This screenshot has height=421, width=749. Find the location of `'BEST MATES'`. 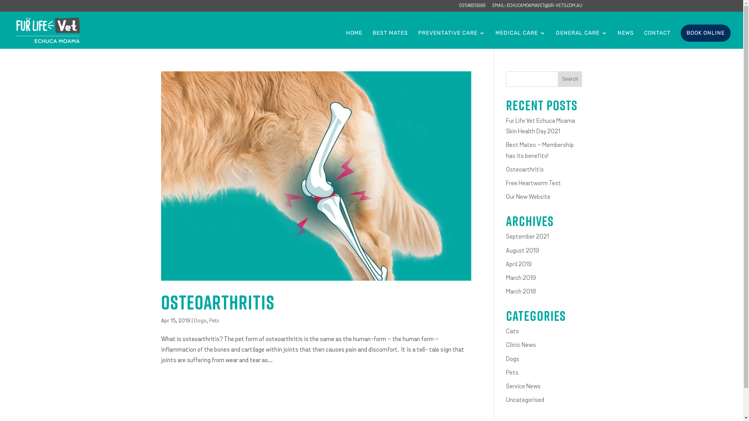

'BEST MATES' is located at coordinates (390, 39).